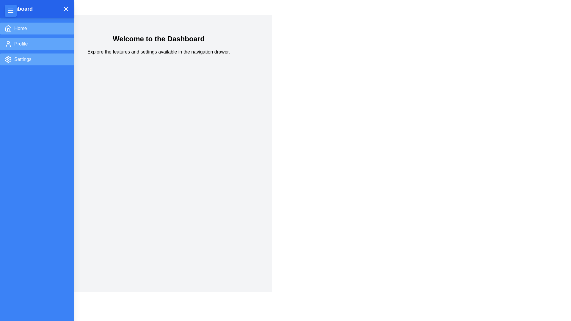 The height and width of the screenshot is (321, 571). I want to click on the 'Home' menu icon, so click(8, 28).